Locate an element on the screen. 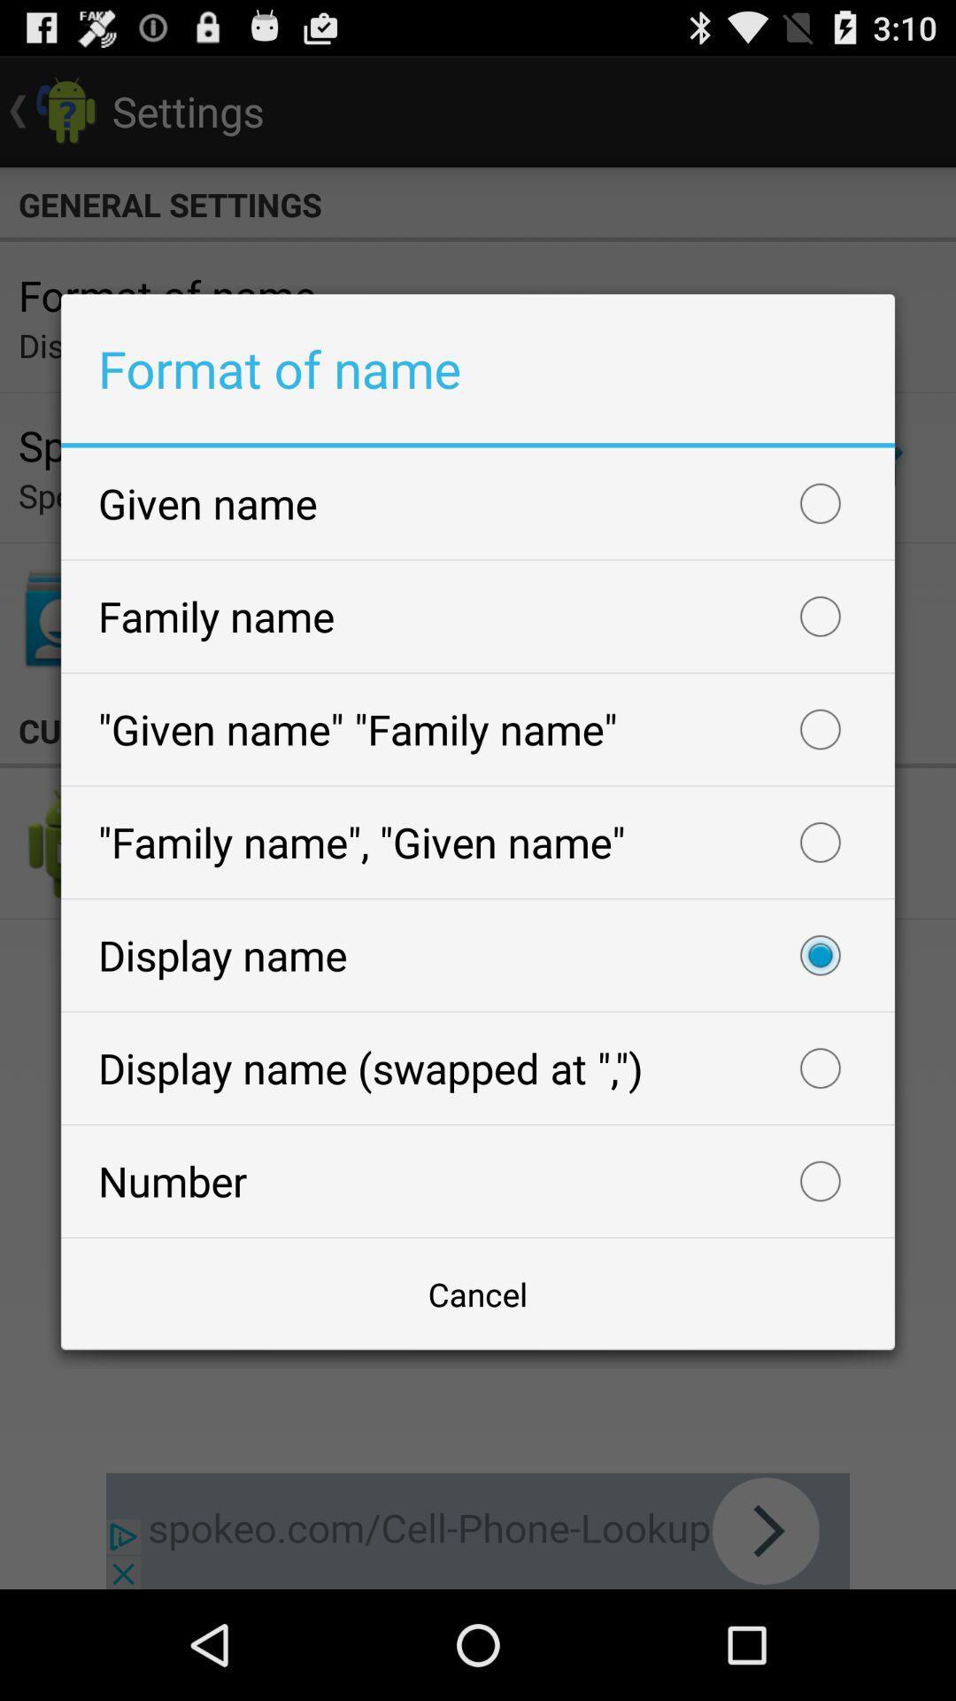 Image resolution: width=956 pixels, height=1701 pixels. cancel icon is located at coordinates (478, 1293).